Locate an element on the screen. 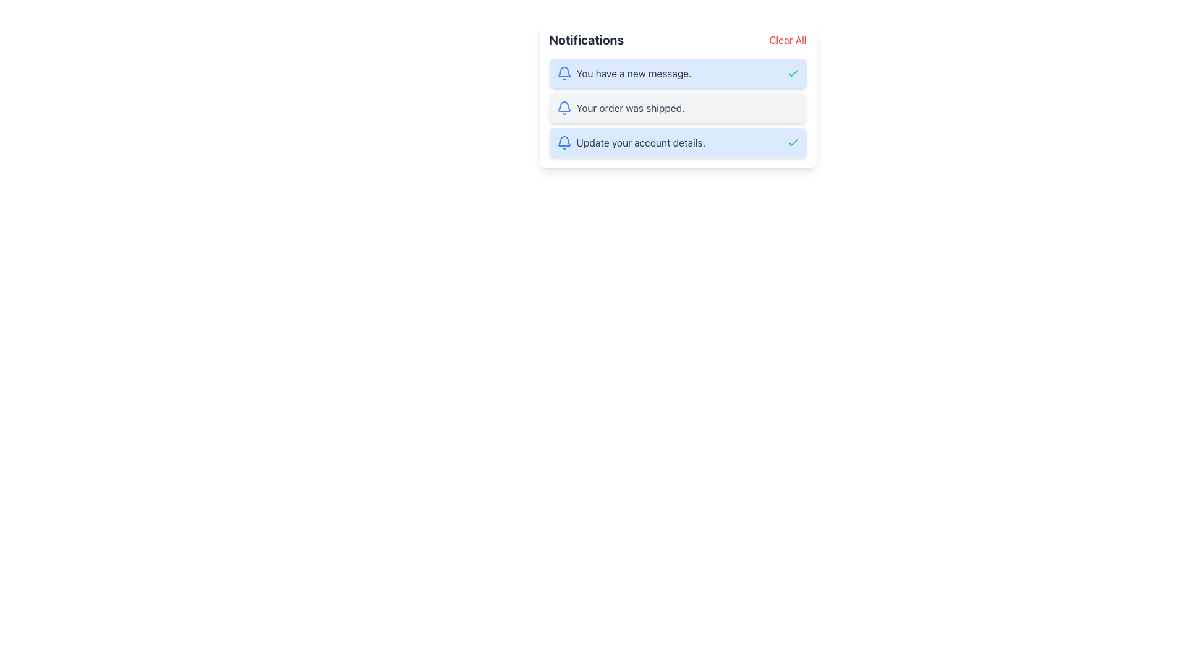  the text label that reads 'Update your account details.' which is displayed in medium gray font within a notification card at the bottom of the list is located at coordinates (640, 142).